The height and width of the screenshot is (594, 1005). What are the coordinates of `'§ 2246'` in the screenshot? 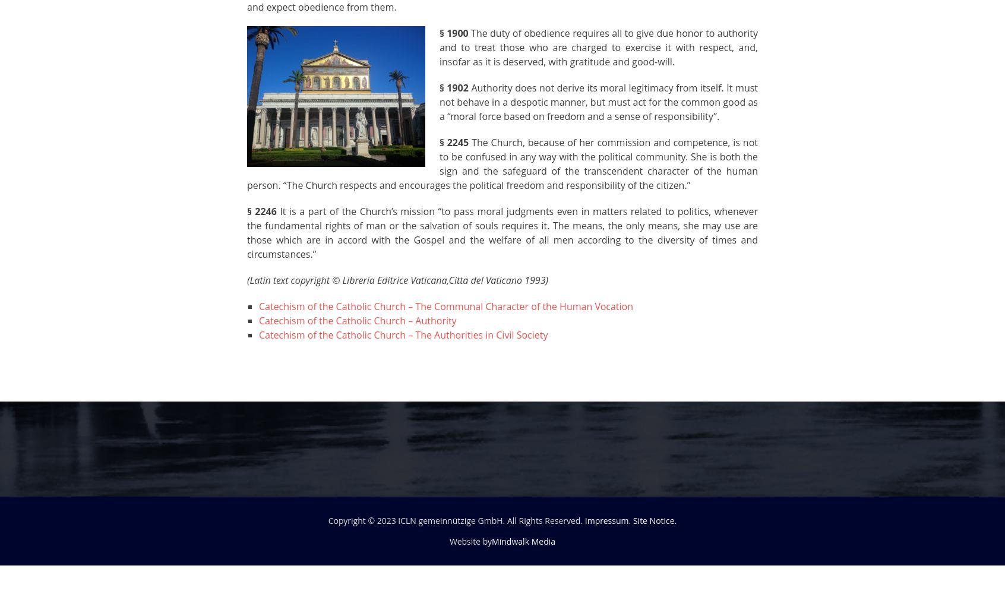 It's located at (247, 211).